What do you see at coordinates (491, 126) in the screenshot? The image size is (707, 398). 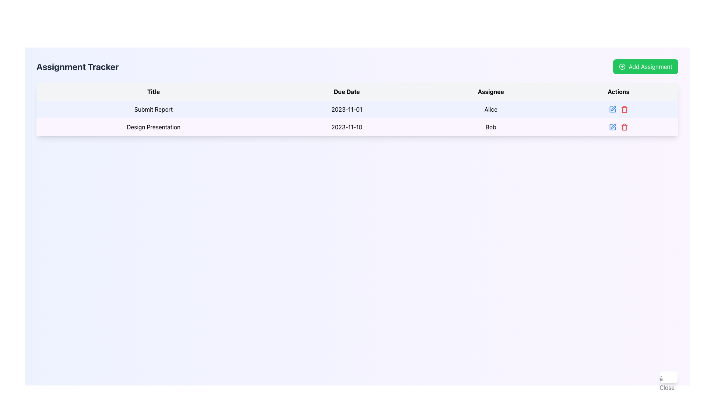 I see `the text label displaying 'Bob' in the 'Assignee' column of the table interface` at bounding box center [491, 126].